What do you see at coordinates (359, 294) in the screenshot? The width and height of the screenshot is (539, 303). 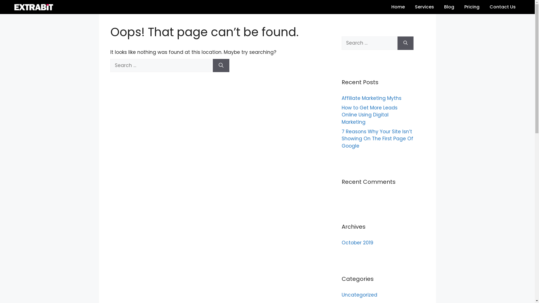 I see `'Uncategorized'` at bounding box center [359, 294].